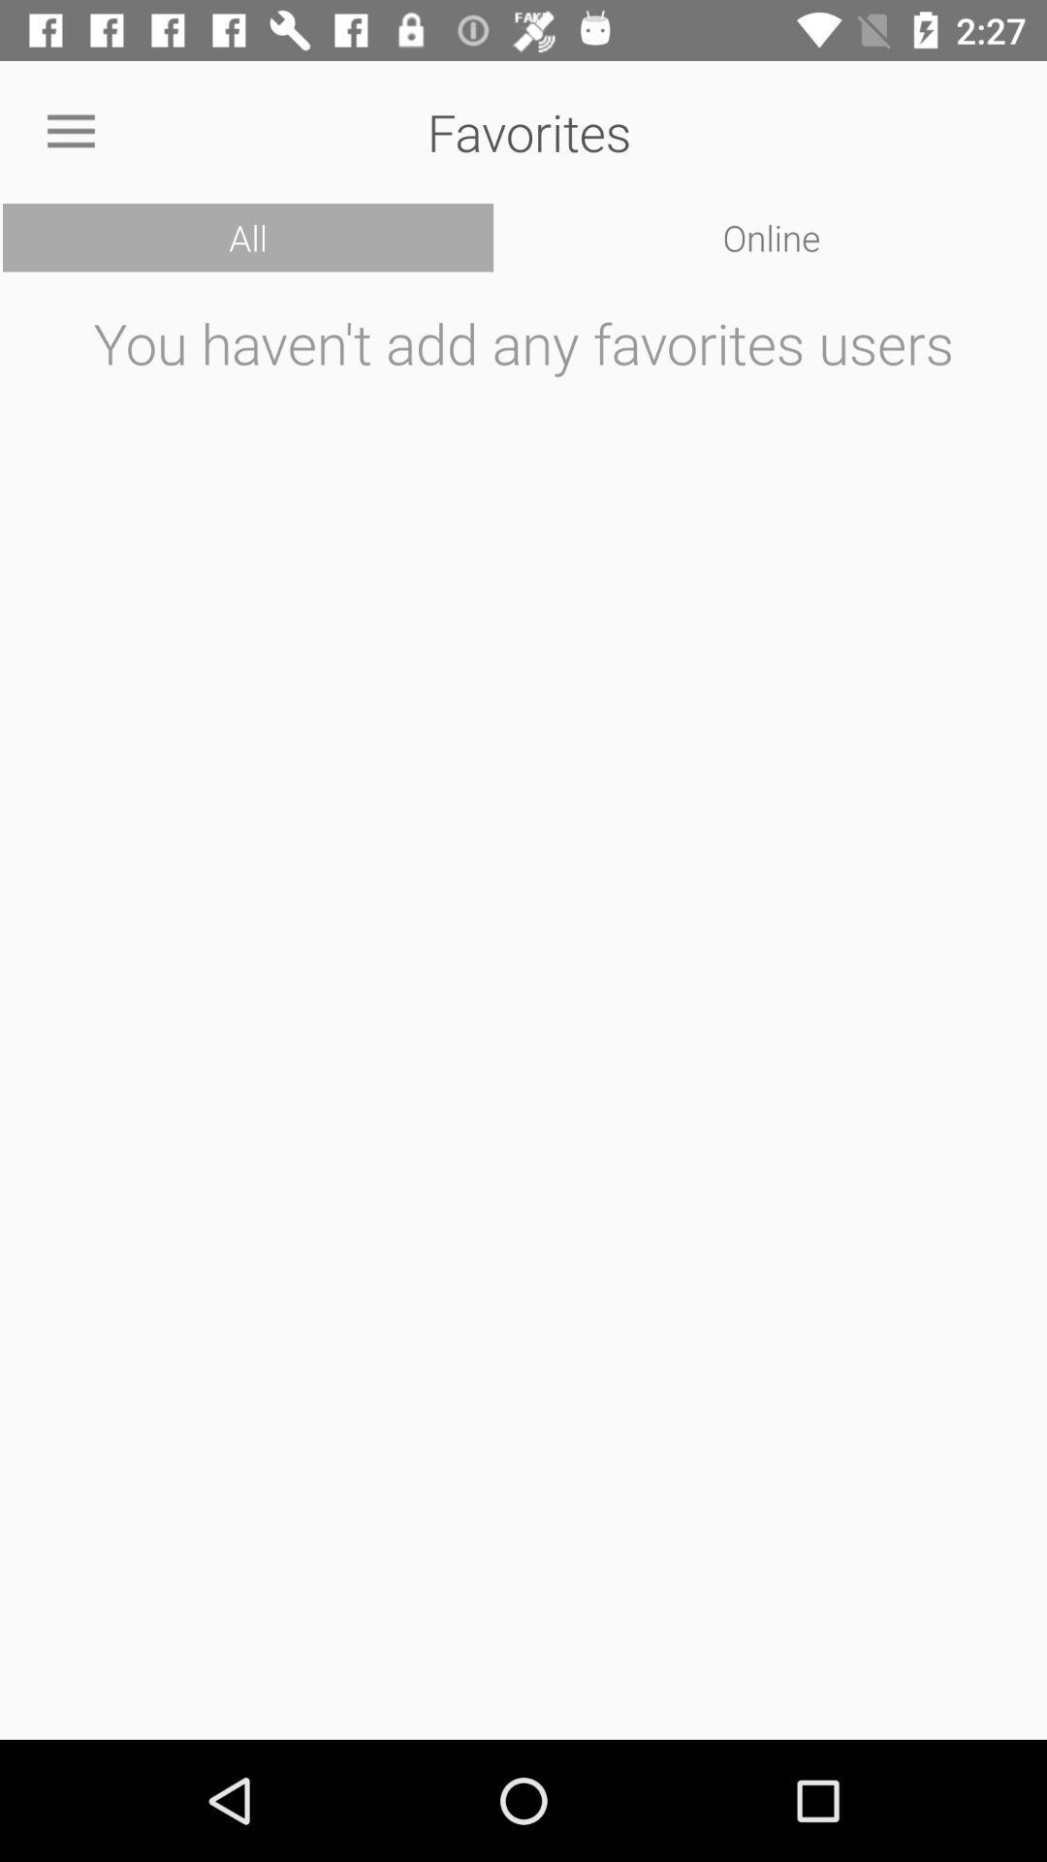 This screenshot has width=1047, height=1862. What do you see at coordinates (523, 1011) in the screenshot?
I see `the item below the all icon` at bounding box center [523, 1011].